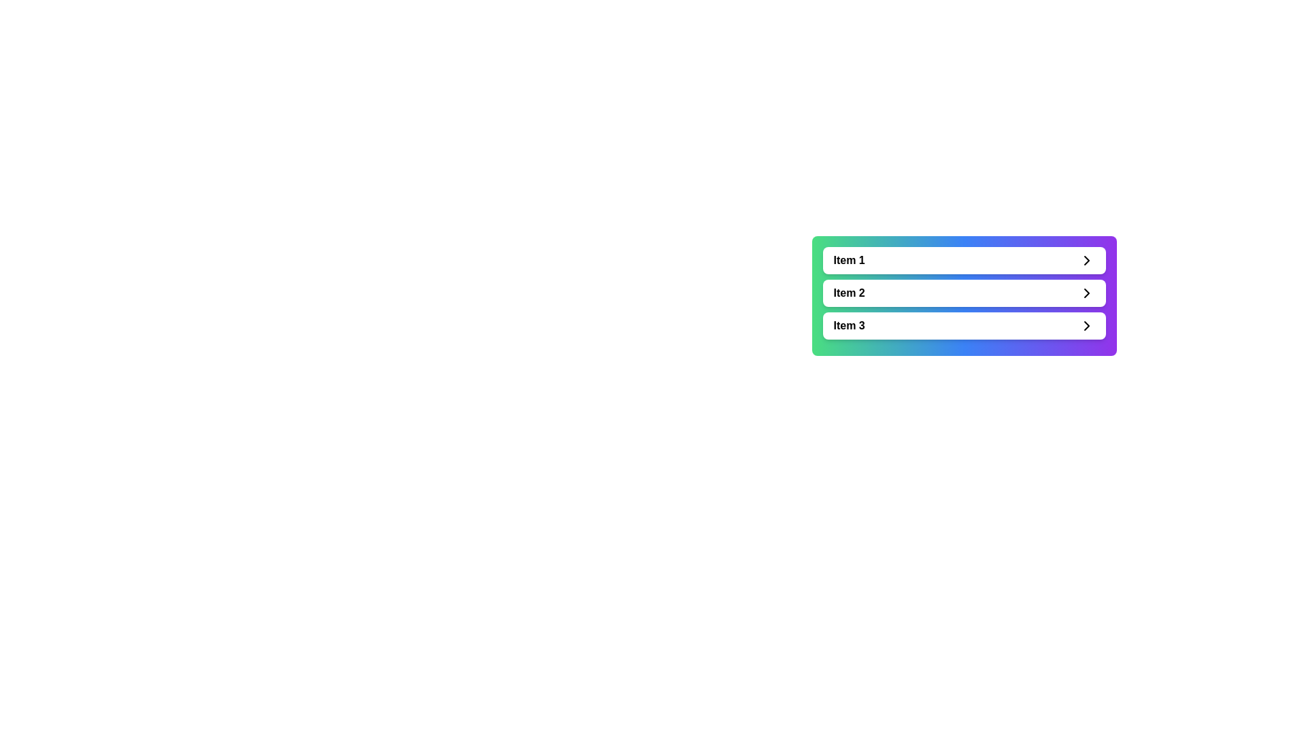 This screenshot has width=1306, height=735. Describe the element at coordinates (1086, 325) in the screenshot. I see `the arrow icon located at the far right of the third row in the list, which indicates navigation or expansion for the third list item` at that location.